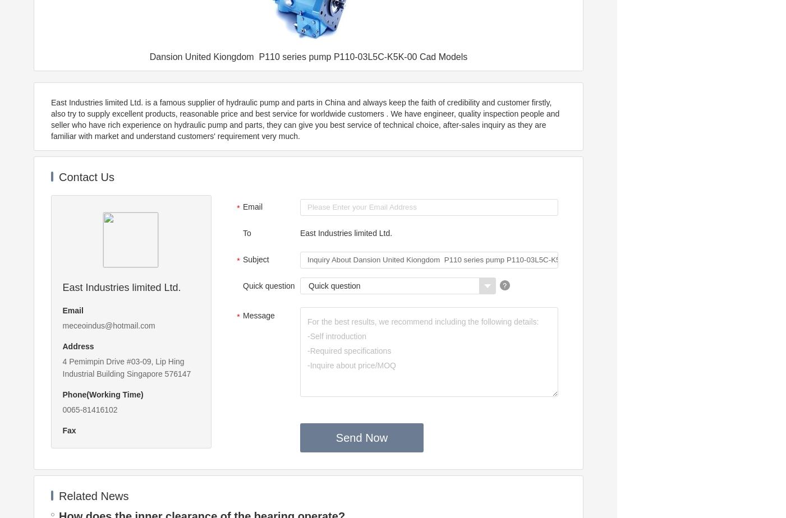  What do you see at coordinates (85, 177) in the screenshot?
I see `'Contact Us'` at bounding box center [85, 177].